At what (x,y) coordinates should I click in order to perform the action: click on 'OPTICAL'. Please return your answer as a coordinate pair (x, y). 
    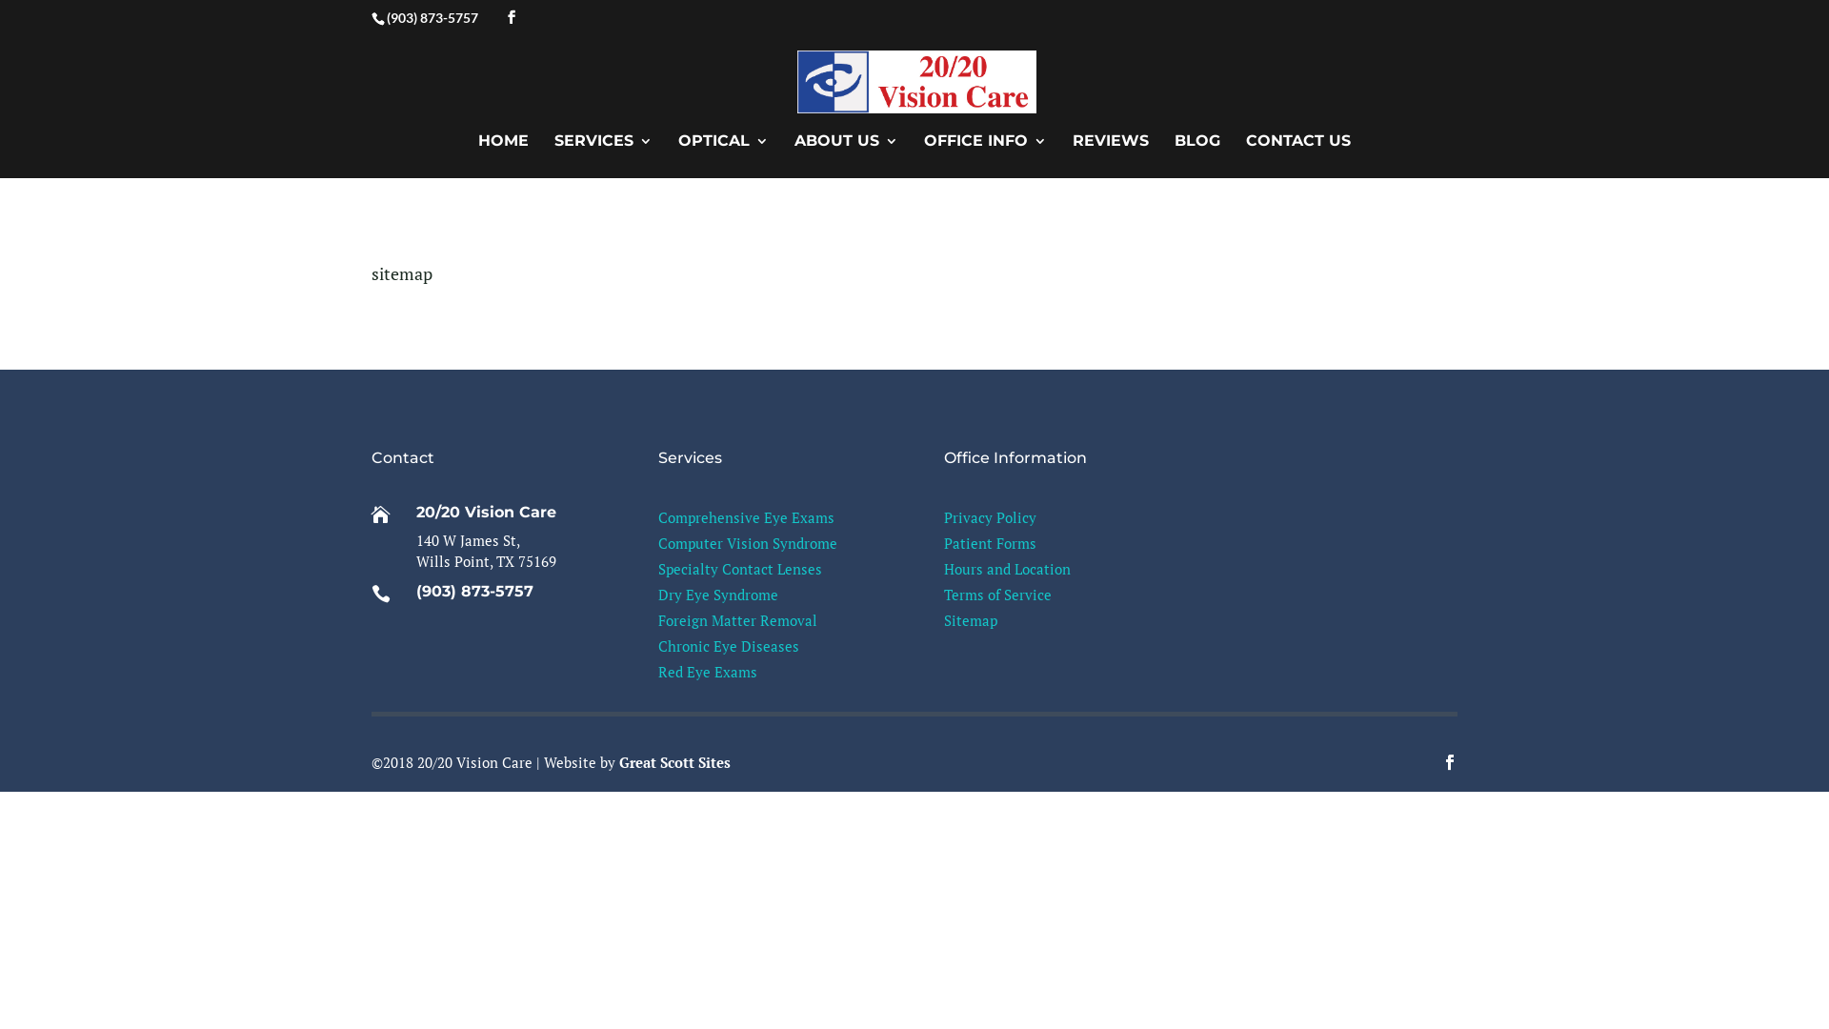
    Looking at the image, I should click on (722, 155).